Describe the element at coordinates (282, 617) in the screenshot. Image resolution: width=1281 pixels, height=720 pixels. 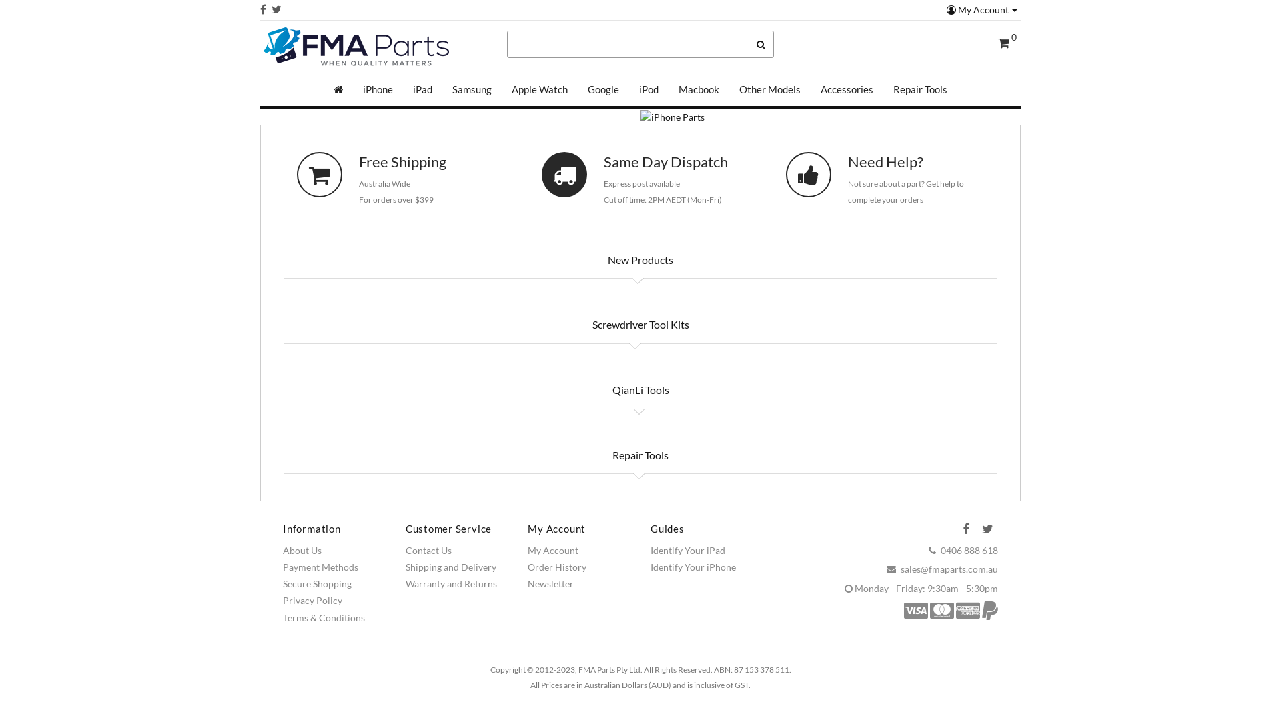
I see `'Terms & Conditions'` at that location.